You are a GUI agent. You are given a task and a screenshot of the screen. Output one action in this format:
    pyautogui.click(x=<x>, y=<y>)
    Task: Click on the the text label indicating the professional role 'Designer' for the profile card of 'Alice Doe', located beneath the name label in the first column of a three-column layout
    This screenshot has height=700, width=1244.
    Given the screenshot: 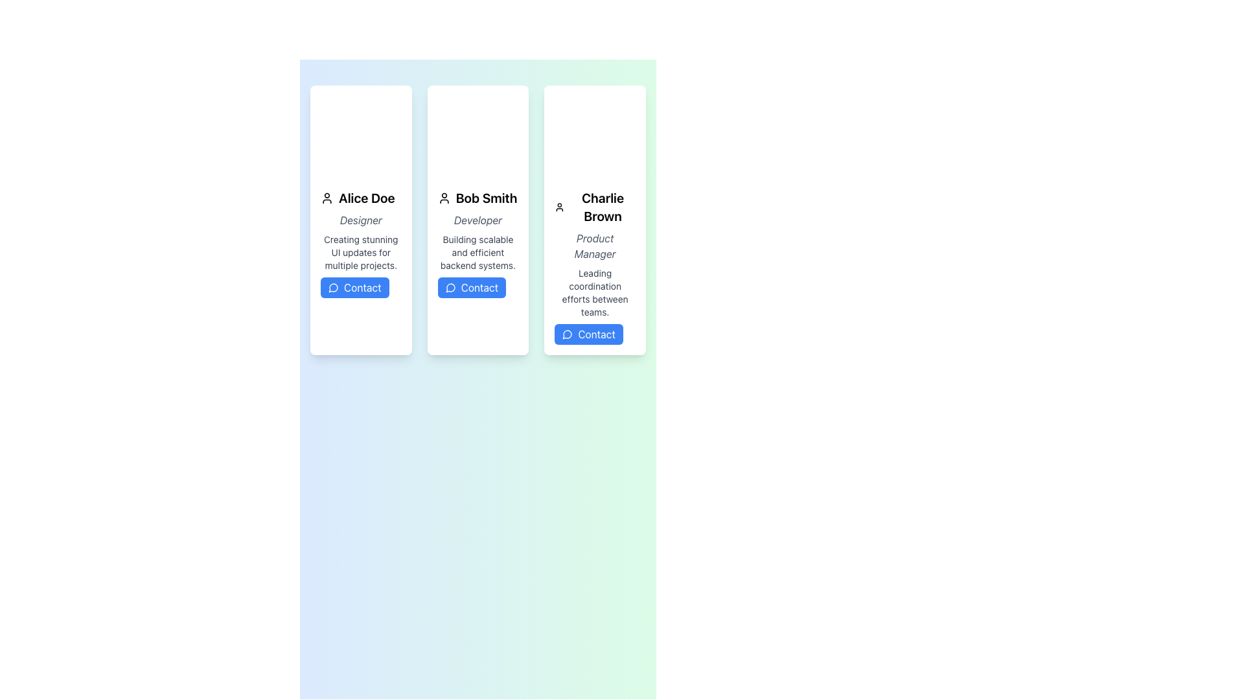 What is the action you would take?
    pyautogui.click(x=361, y=219)
    